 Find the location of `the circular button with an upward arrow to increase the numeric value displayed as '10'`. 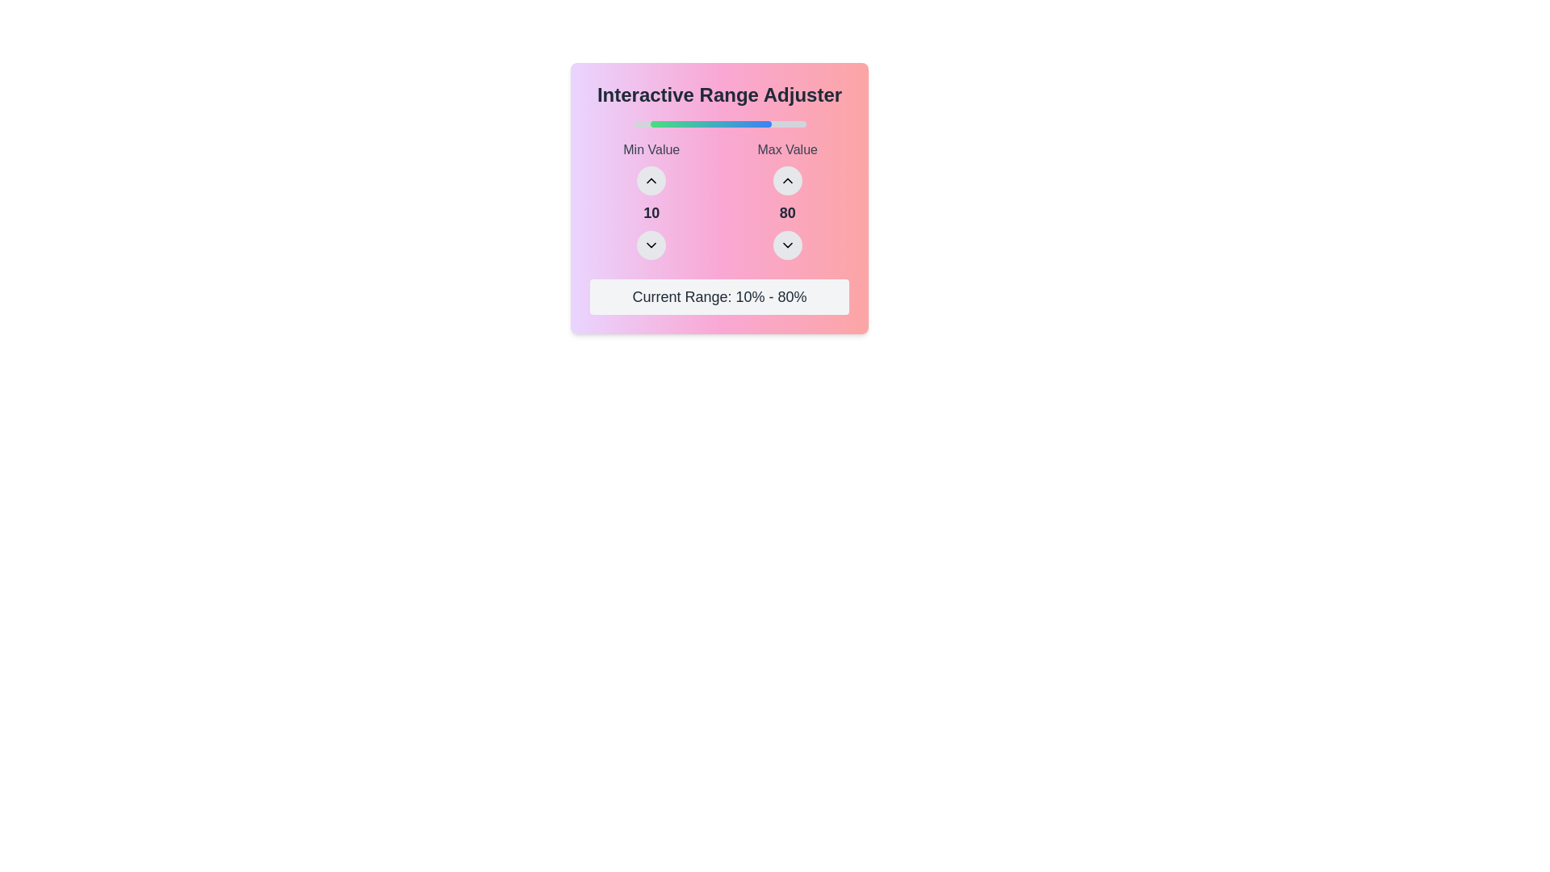

the circular button with an upward arrow to increase the numeric value displayed as '10' is located at coordinates (651, 199).